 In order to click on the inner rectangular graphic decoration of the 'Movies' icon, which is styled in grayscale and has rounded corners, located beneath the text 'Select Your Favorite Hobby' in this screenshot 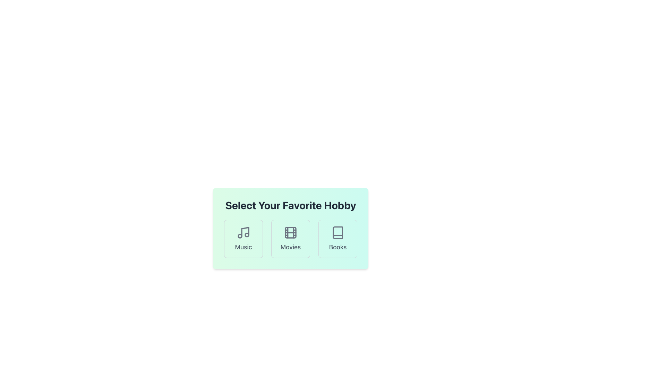, I will do `click(291, 232)`.